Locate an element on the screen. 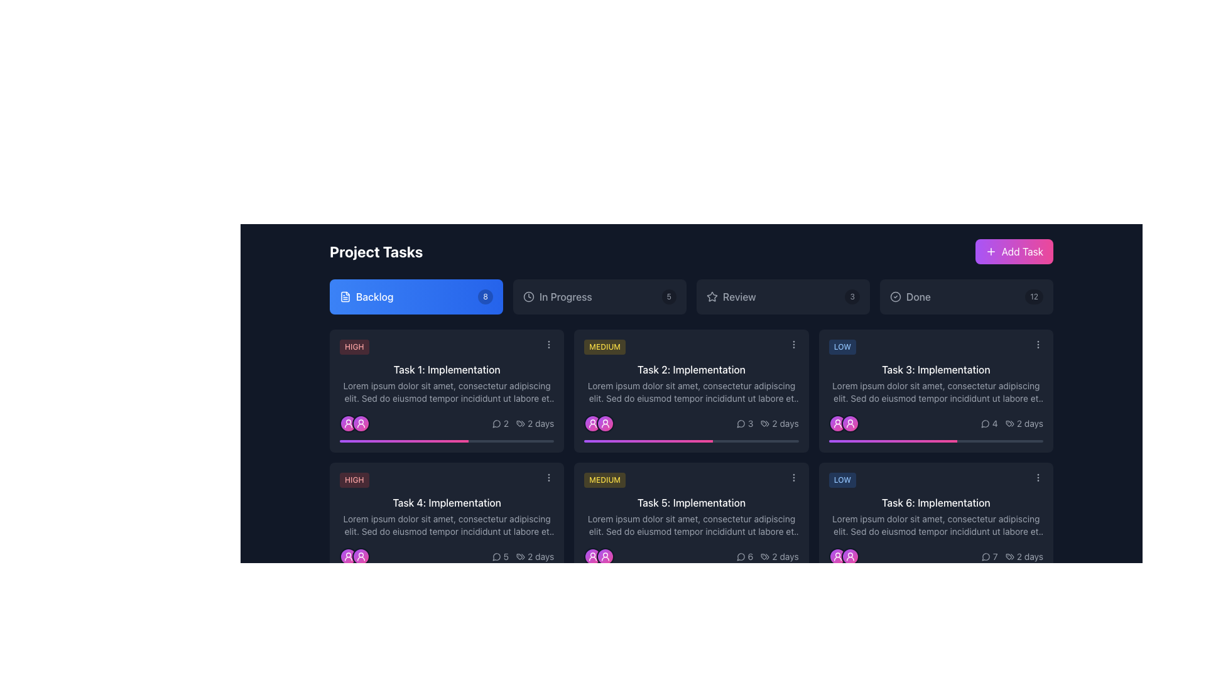 This screenshot has width=1206, height=678. the text label element that displays 'Task 3: Implementation', which is styled in white on a dark background and is part of a card layout in the 'Backlog' section is located at coordinates (936, 369).